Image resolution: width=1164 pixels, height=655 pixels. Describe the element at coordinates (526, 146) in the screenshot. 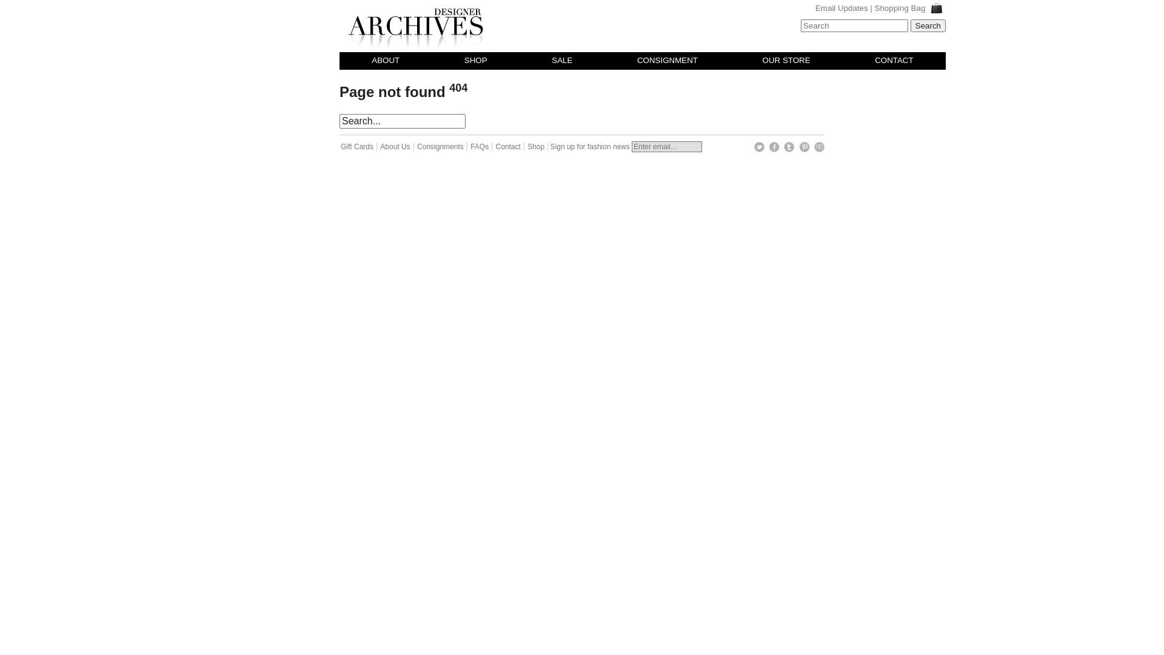

I see `'Shop'` at that location.